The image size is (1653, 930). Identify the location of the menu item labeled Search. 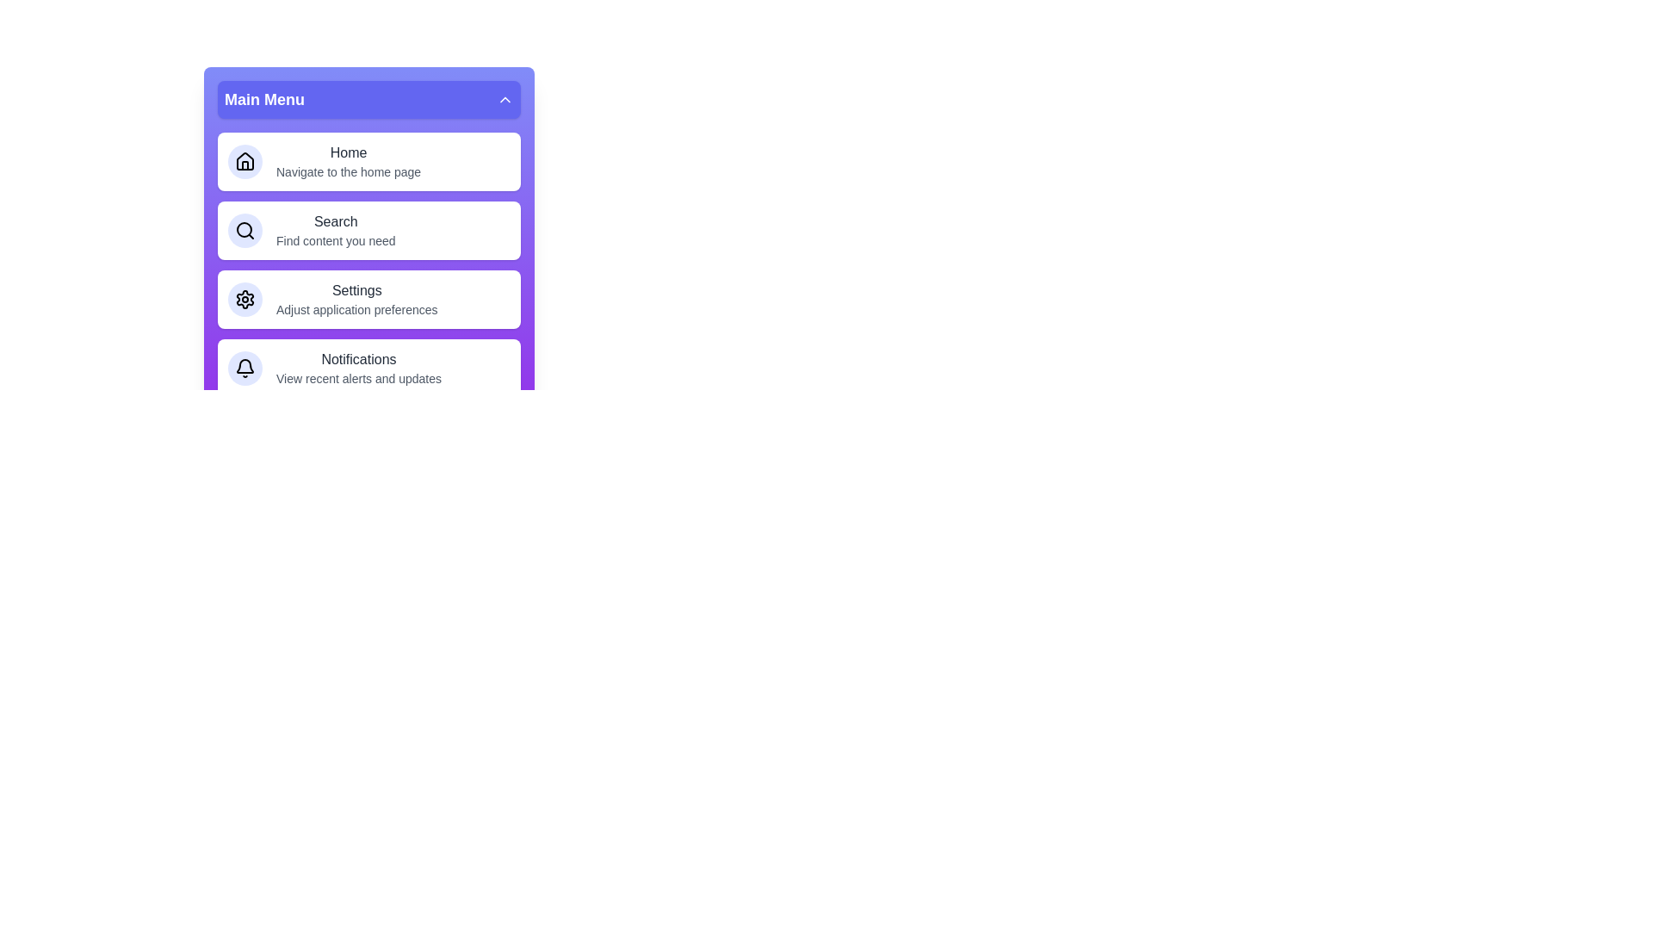
(368, 229).